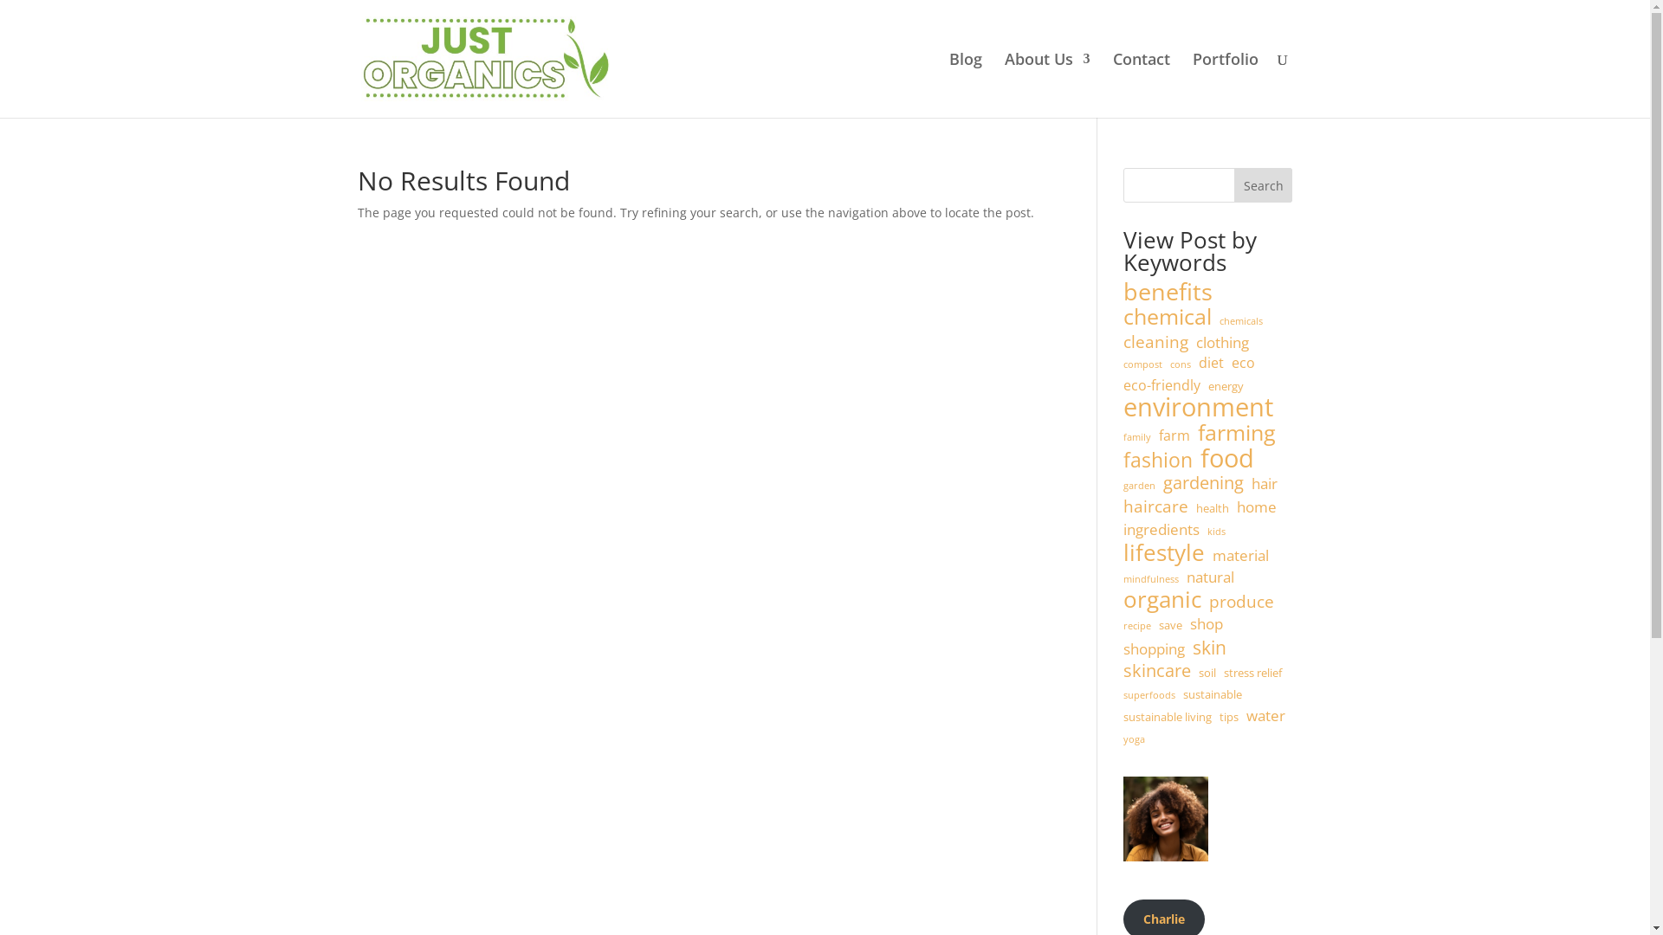 This screenshot has height=935, width=1663. I want to click on 'mindfulness', so click(1151, 580).